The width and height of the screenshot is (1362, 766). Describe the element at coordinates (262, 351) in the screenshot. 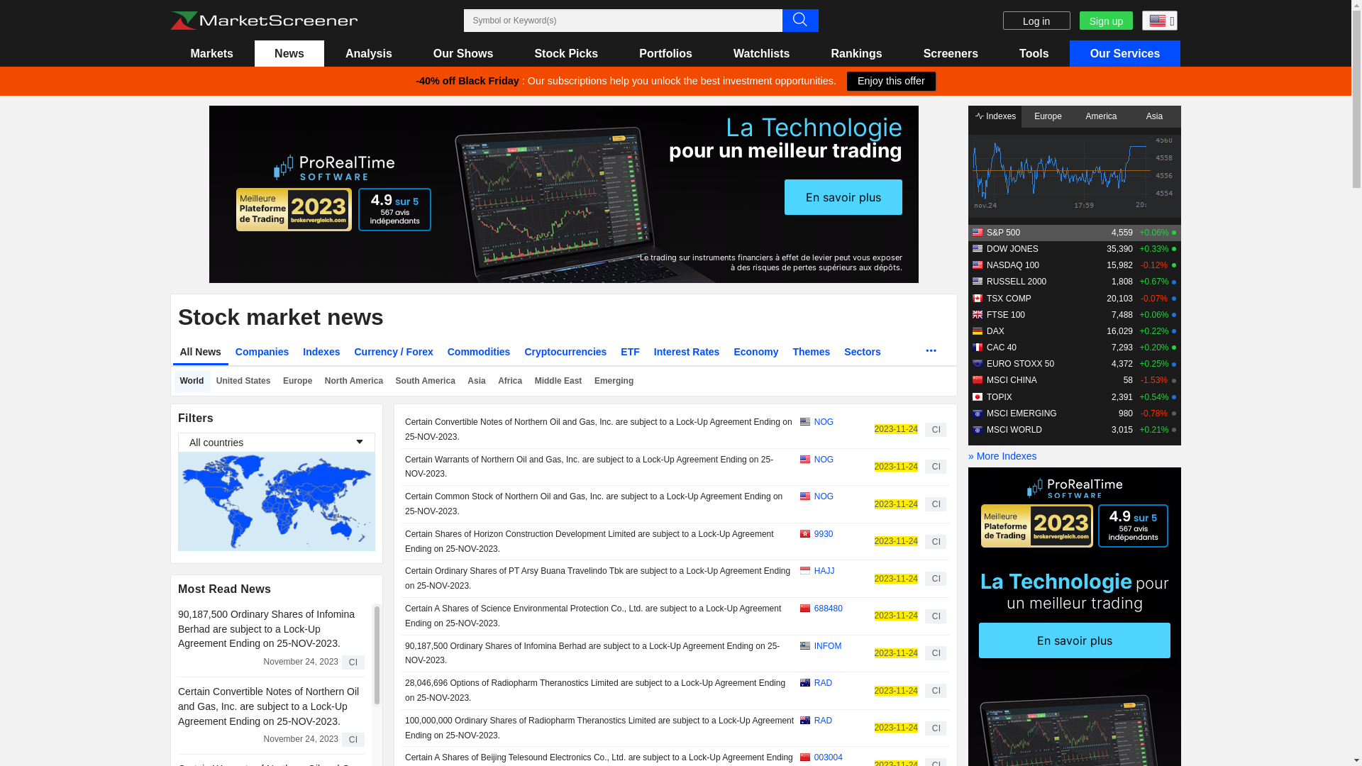

I see `'Companies'` at that location.